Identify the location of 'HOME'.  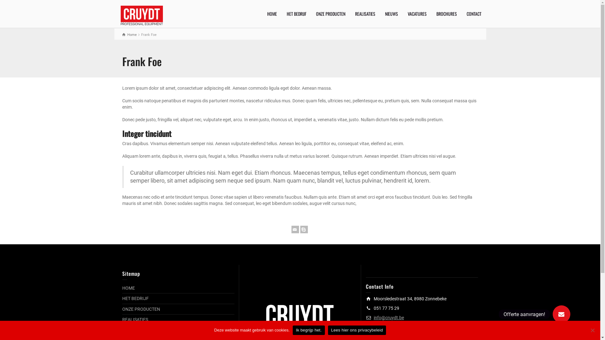
(272, 14).